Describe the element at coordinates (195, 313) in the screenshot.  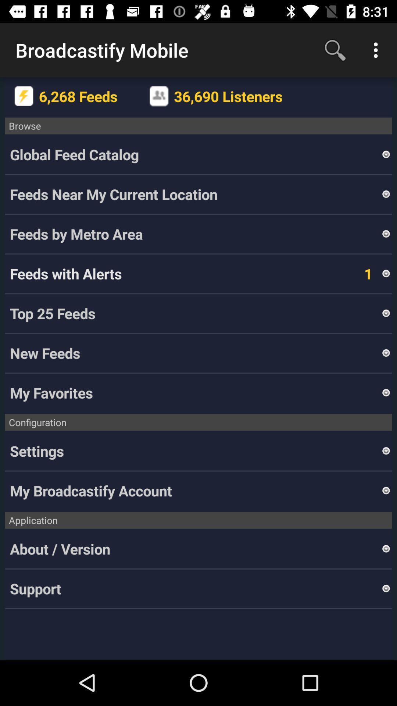
I see `the item above new feeds icon` at that location.